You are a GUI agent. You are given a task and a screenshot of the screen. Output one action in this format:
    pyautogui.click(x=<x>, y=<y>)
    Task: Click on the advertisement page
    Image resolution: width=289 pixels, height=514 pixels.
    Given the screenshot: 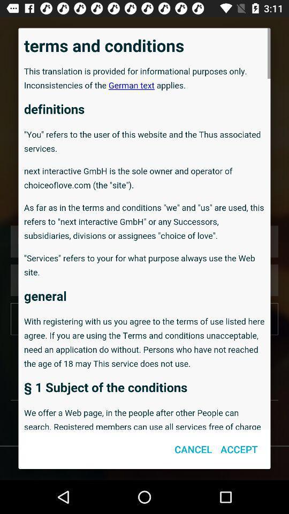 What is the action you would take?
    pyautogui.click(x=144, y=229)
    